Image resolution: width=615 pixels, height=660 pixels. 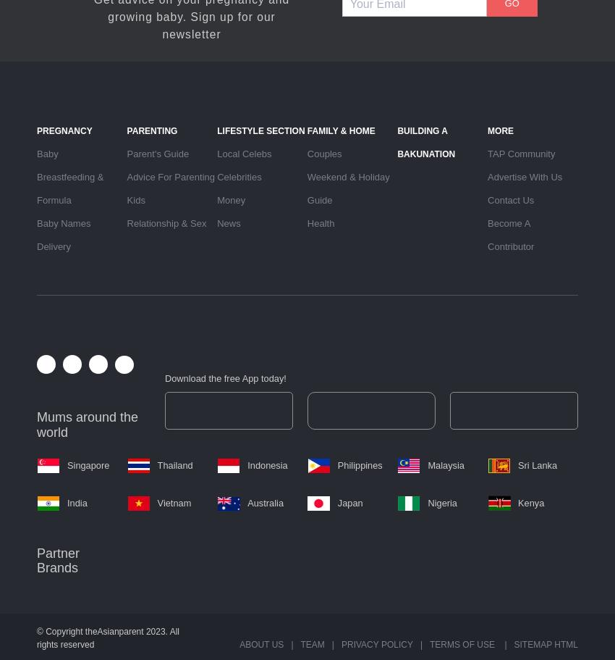 I want to click on 'Thailand', so click(x=157, y=464).